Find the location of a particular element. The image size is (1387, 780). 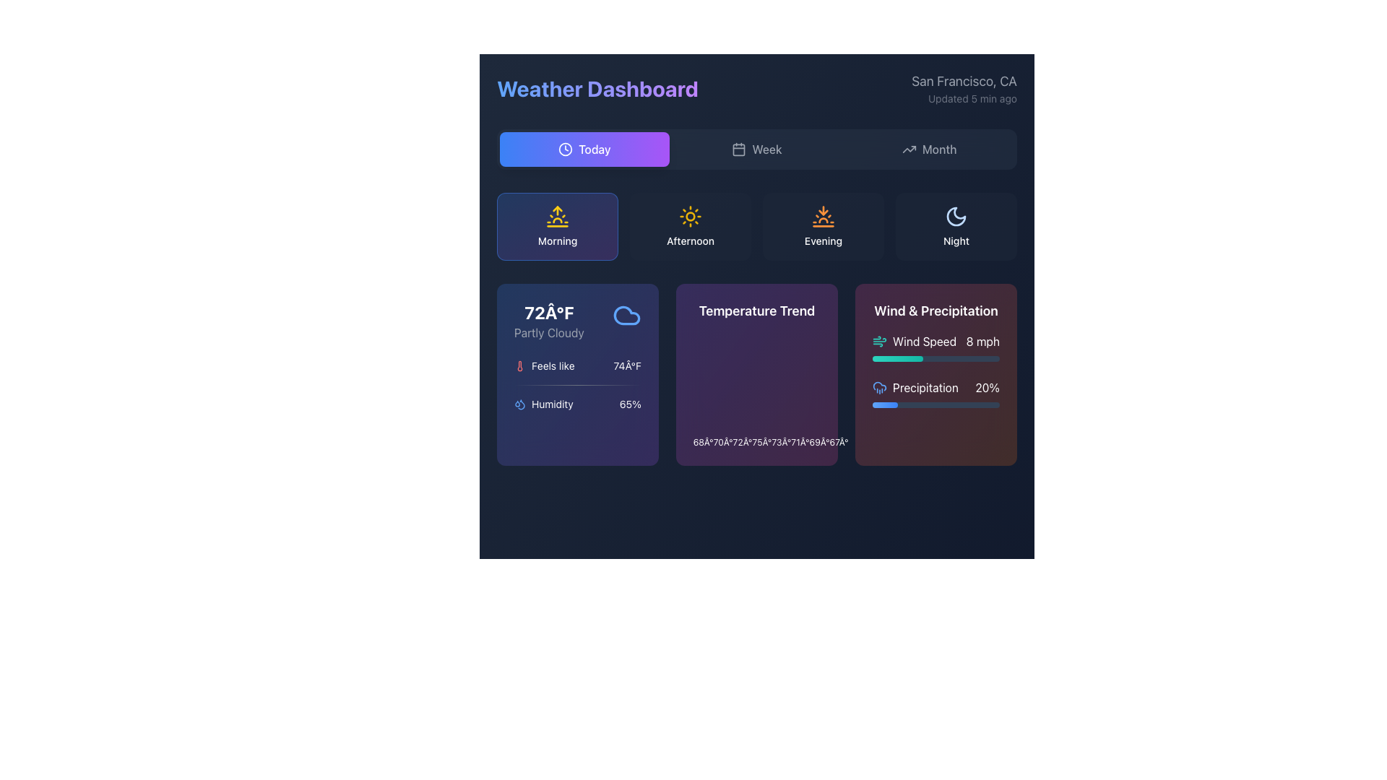

the temperature value label located near the bottom center of the 'Temperature Trend' section, below the vertical gradient bar is located at coordinates (800, 442).